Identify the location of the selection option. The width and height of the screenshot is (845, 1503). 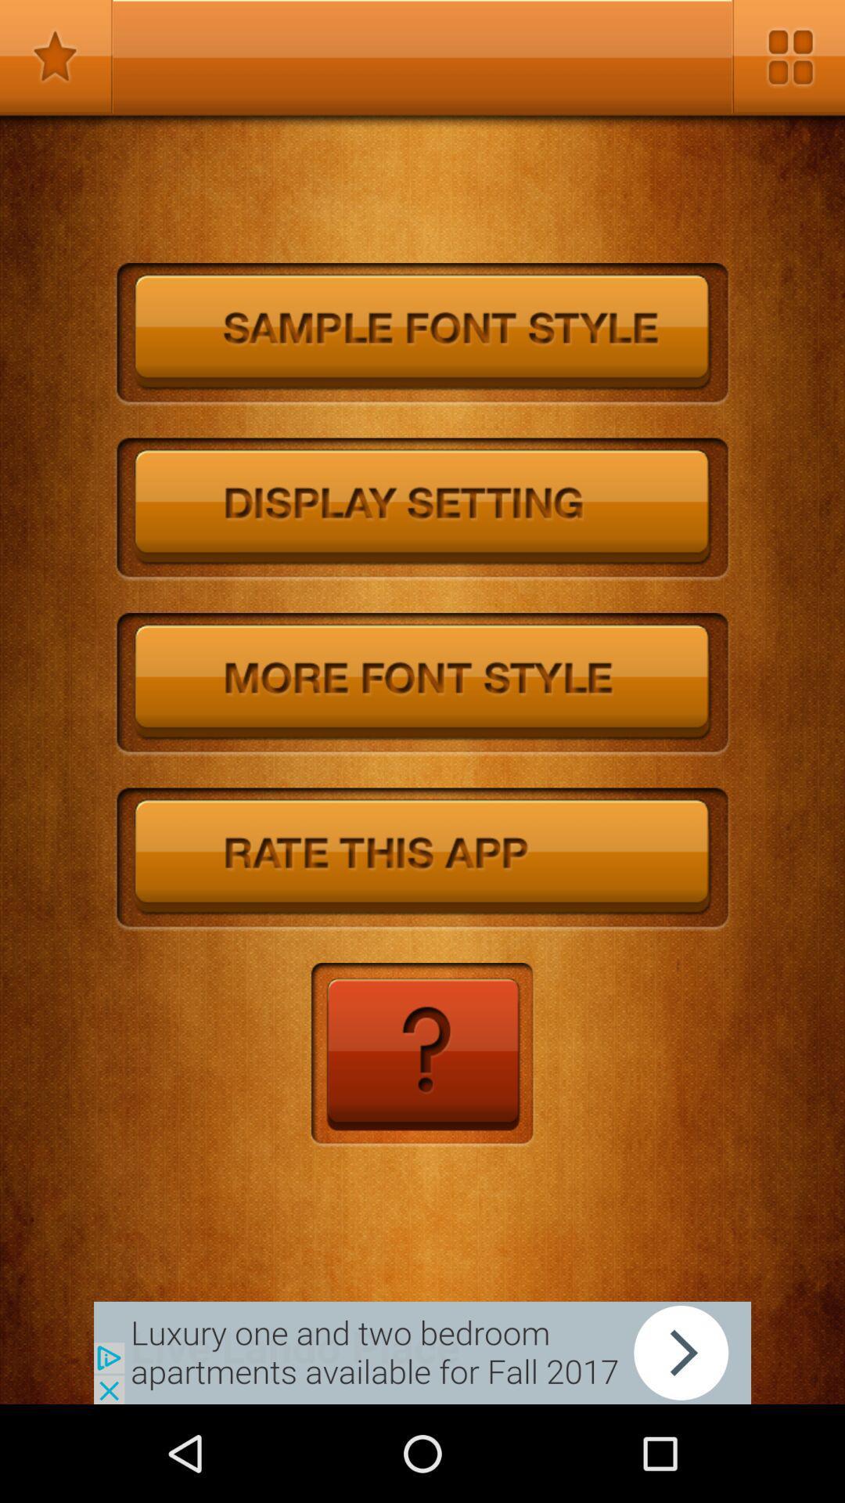
(56, 56).